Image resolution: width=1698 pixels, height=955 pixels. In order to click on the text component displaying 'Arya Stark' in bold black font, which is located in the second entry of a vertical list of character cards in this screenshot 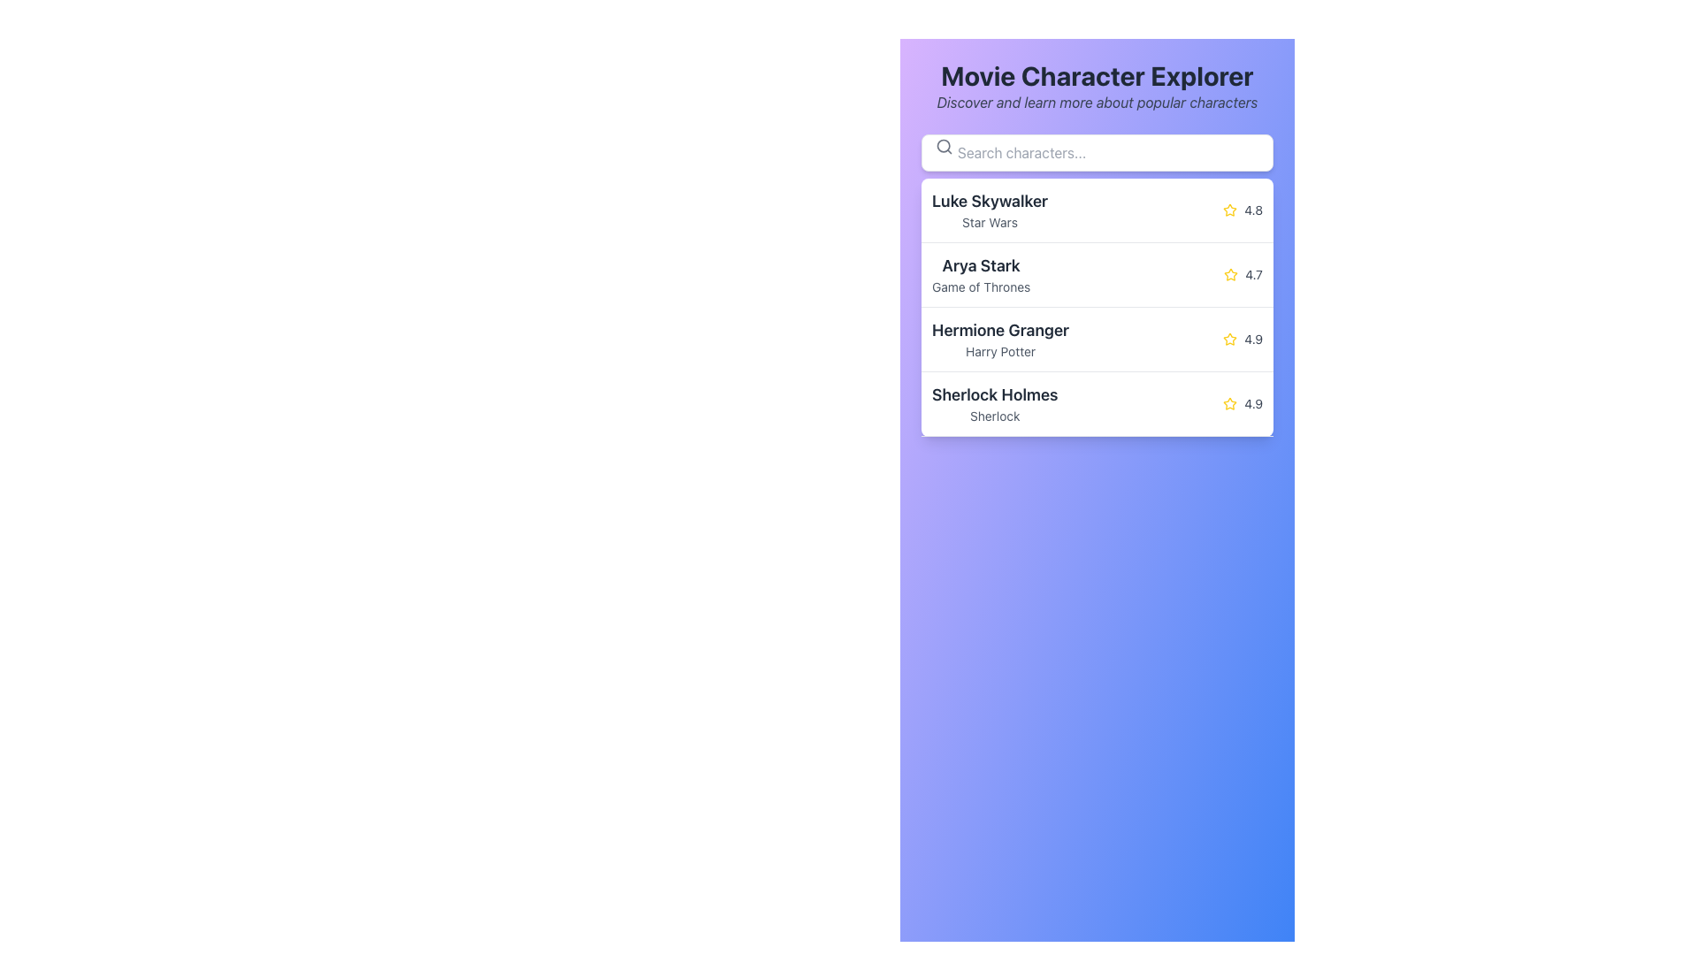, I will do `click(980, 275)`.